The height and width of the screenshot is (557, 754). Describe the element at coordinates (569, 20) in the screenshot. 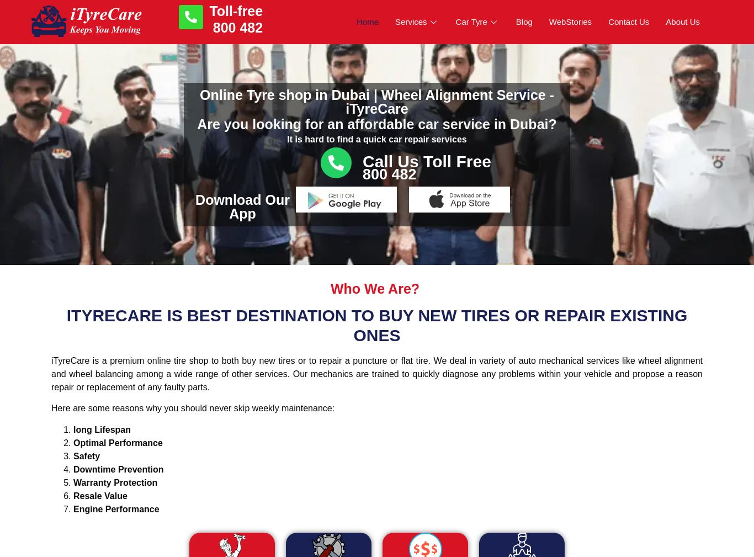

I see `'WebStories'` at that location.